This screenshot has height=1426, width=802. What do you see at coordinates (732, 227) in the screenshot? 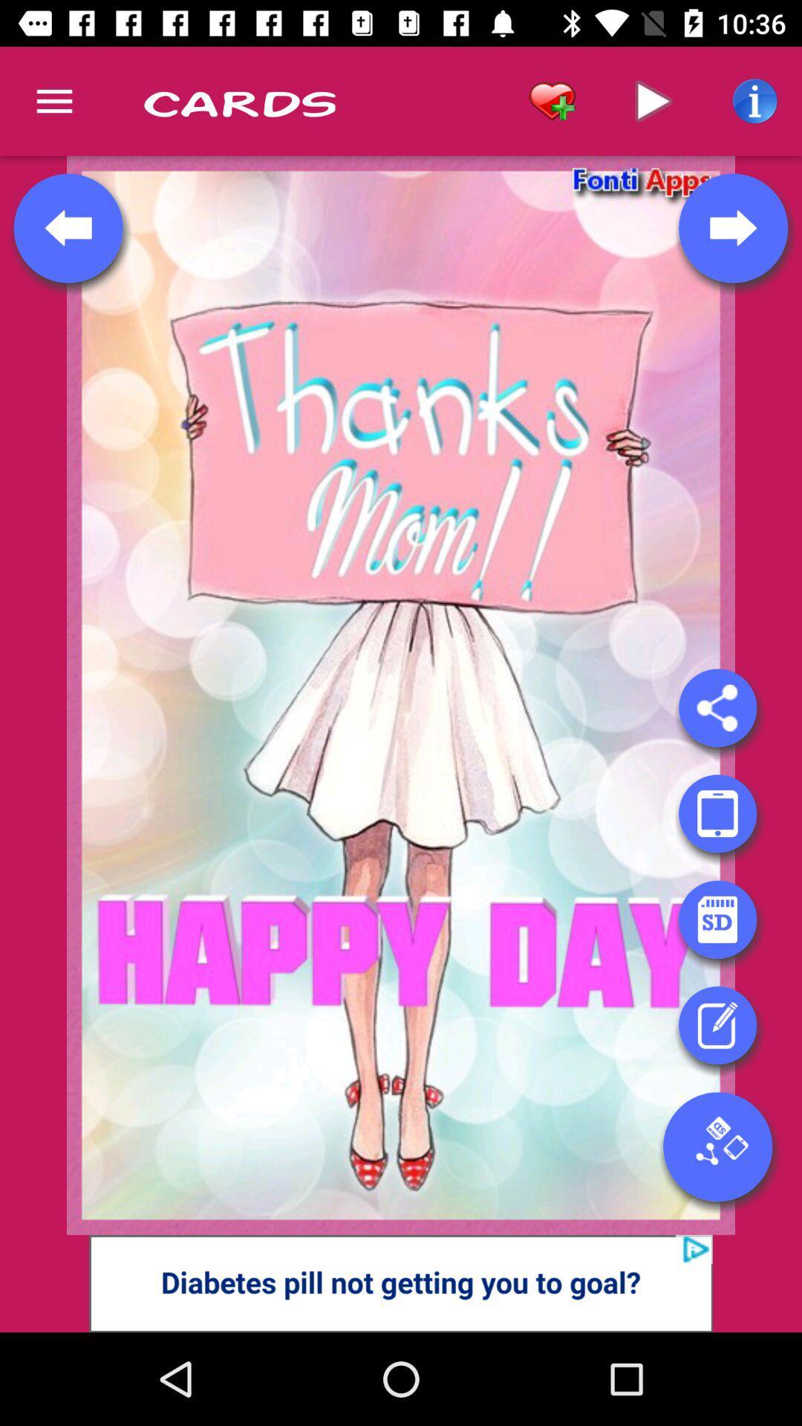
I see `next slide` at bounding box center [732, 227].